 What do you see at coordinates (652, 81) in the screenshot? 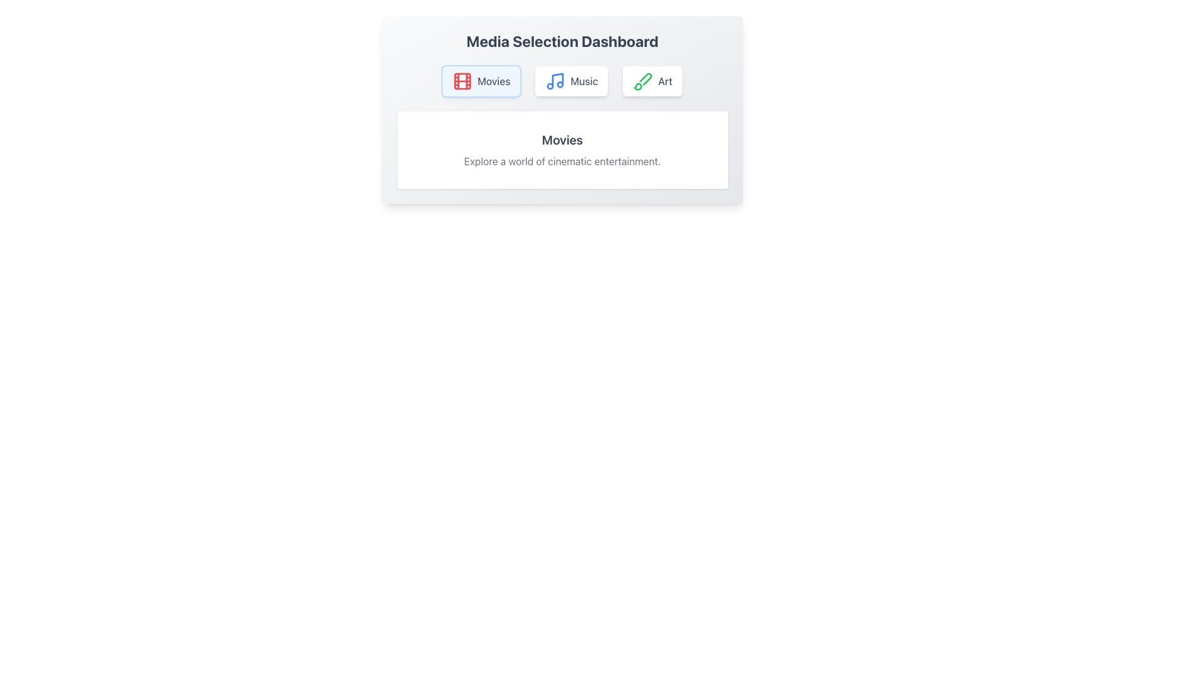
I see `the white rectangular button with rounded corners featuring a green brush icon and the text 'Art'` at bounding box center [652, 81].